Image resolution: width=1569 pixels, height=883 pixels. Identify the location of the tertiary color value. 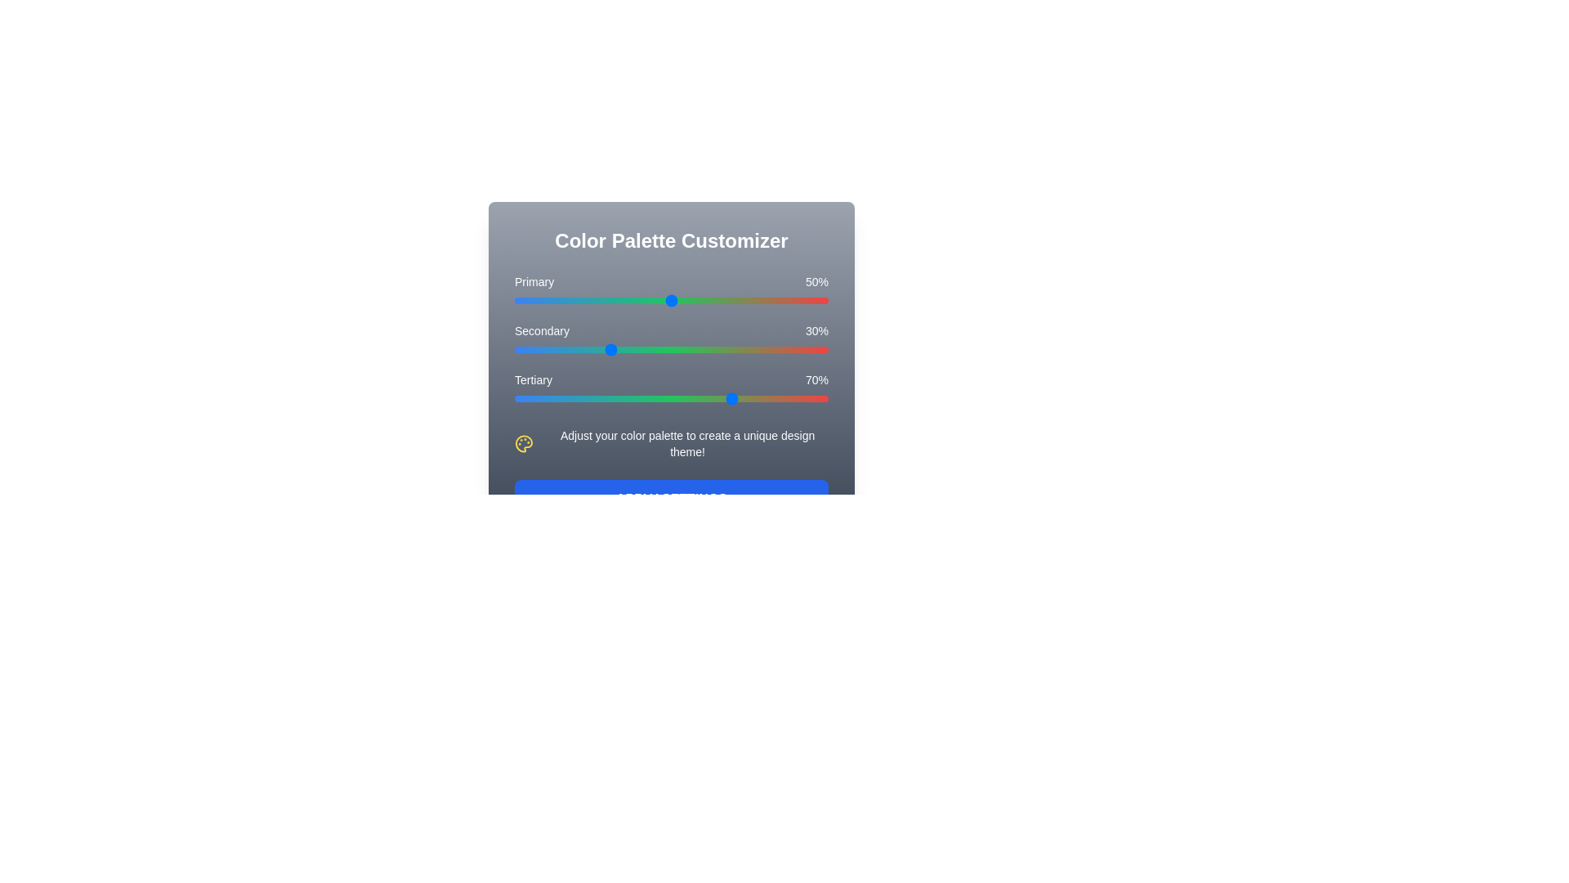
(793, 399).